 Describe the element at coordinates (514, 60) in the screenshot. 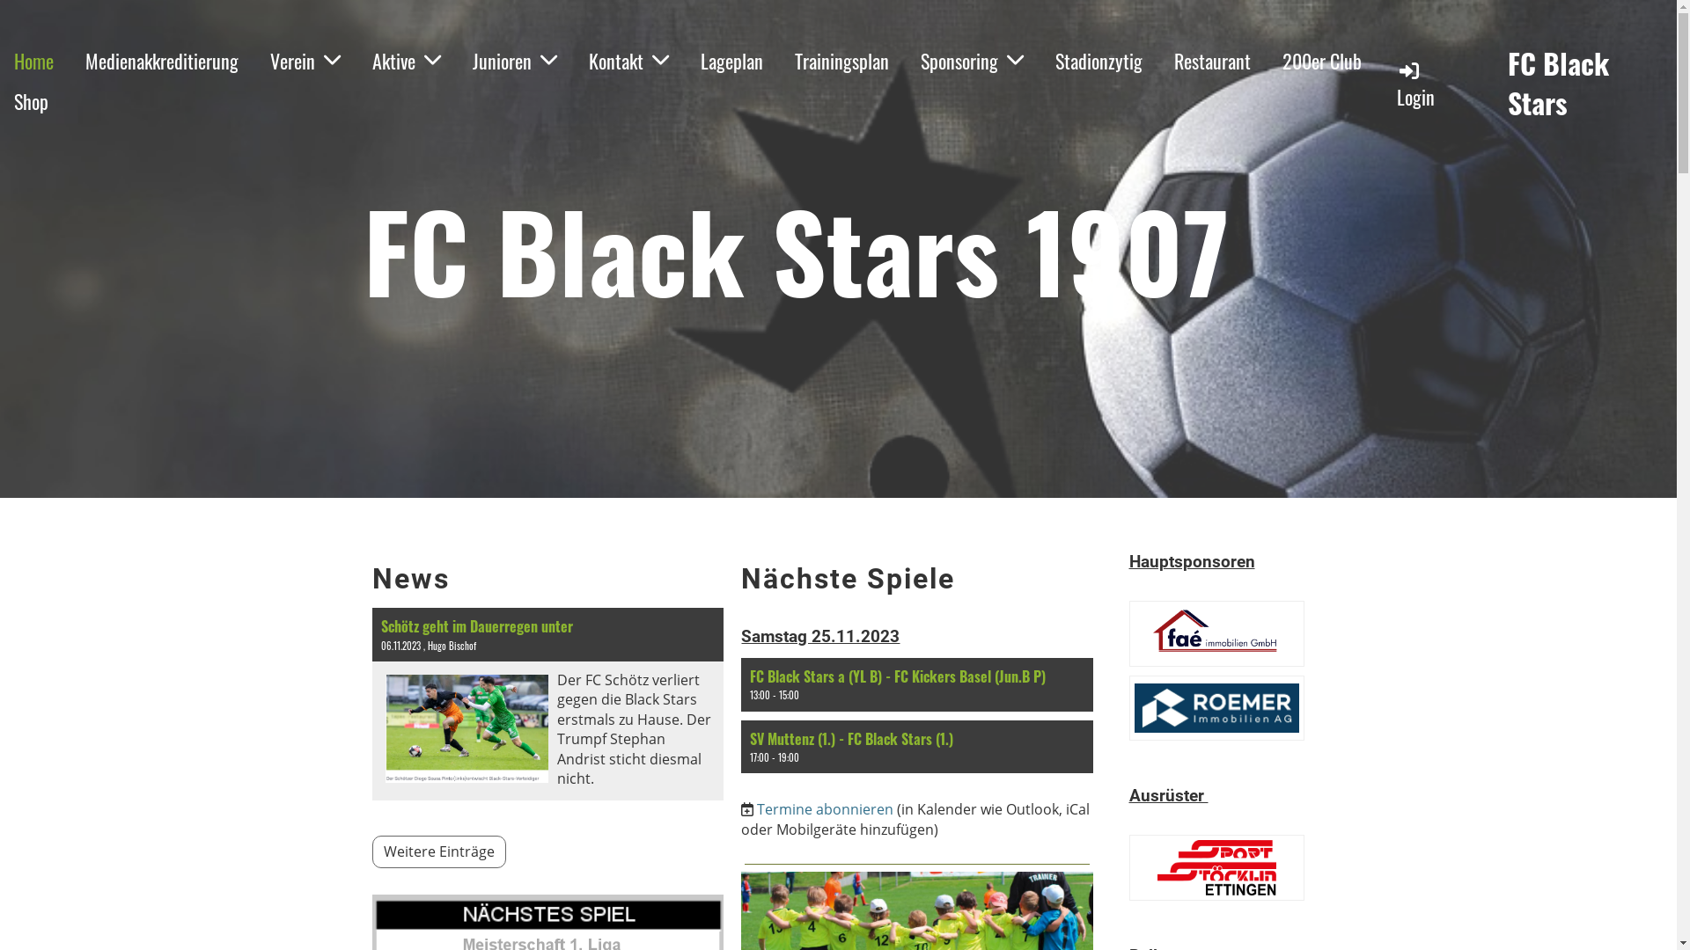

I see `'Junioren'` at that location.